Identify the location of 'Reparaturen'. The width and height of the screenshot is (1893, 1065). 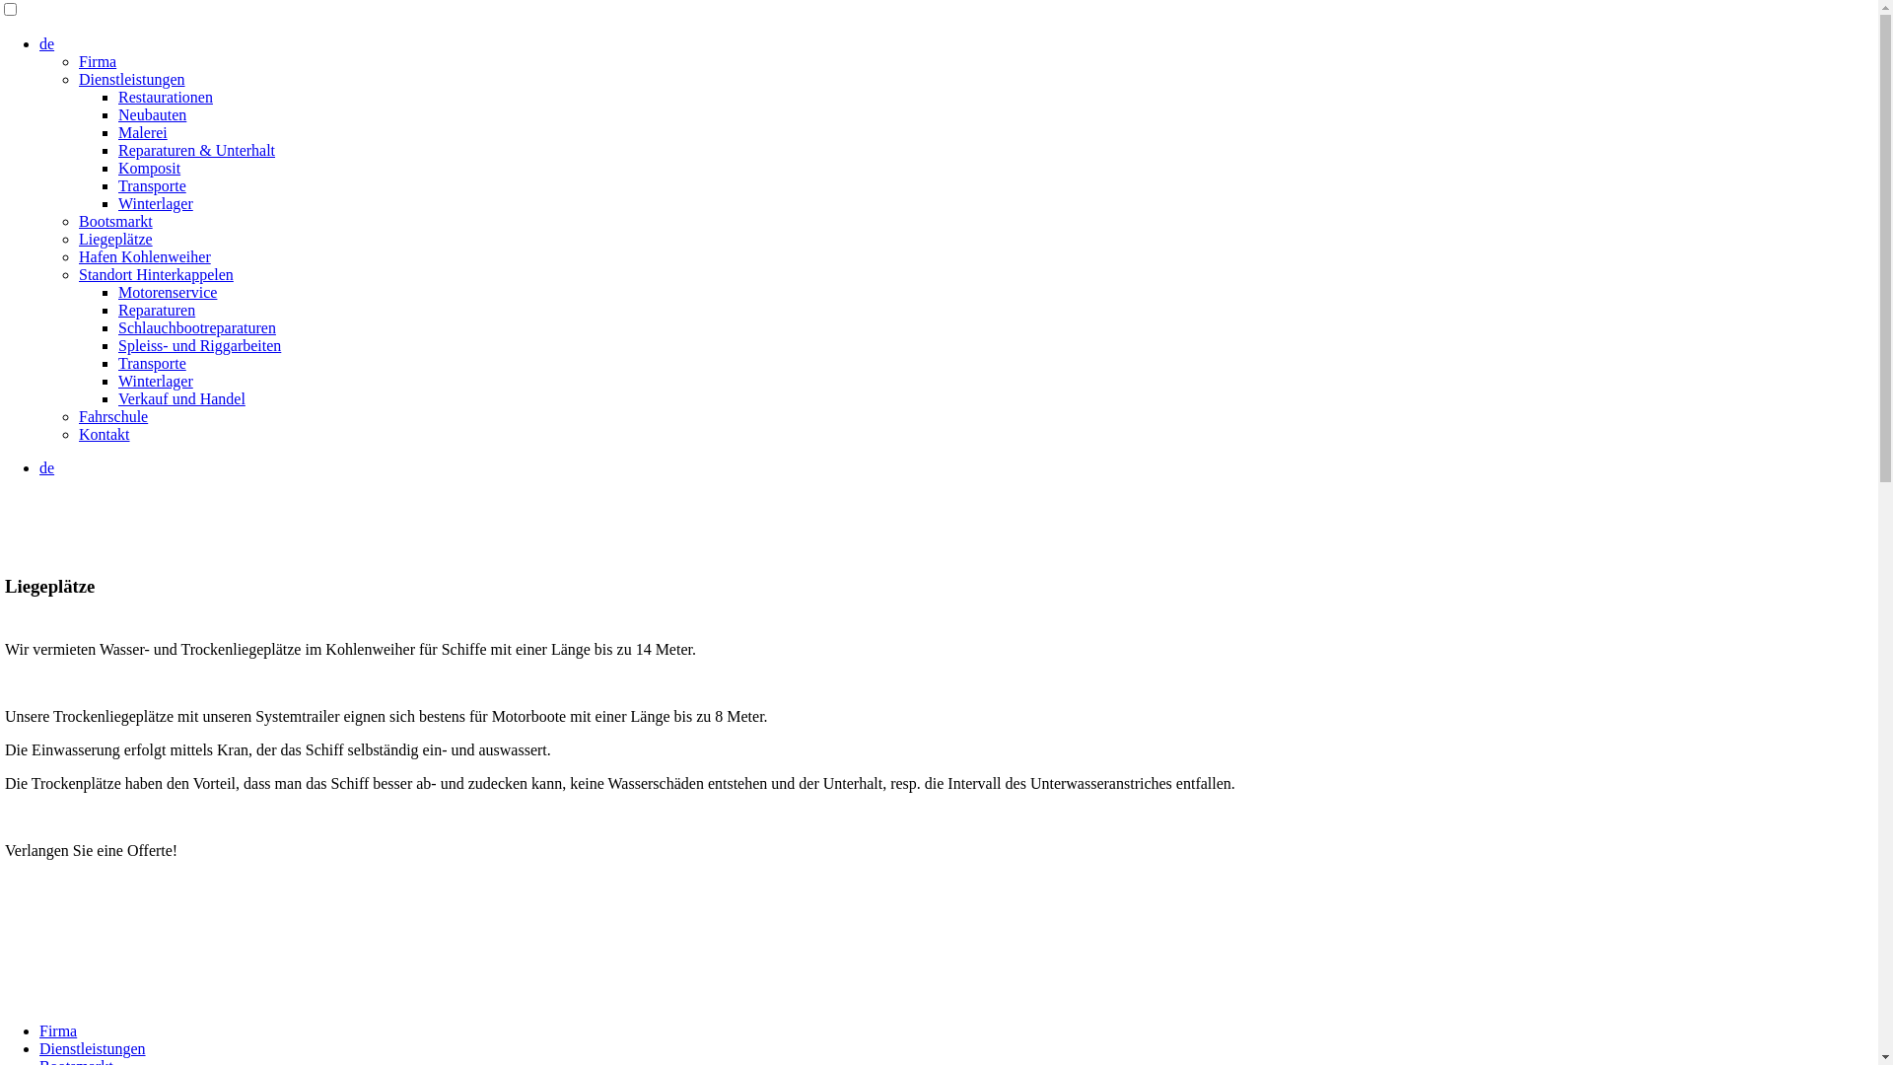
(155, 310).